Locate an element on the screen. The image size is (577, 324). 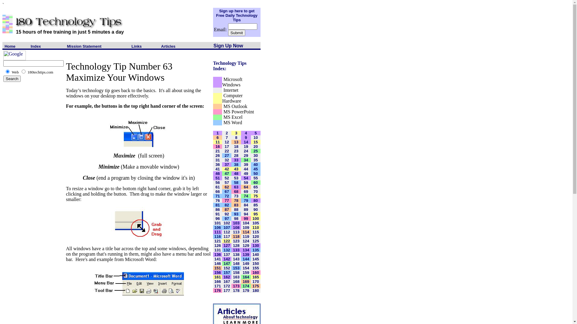
'46' is located at coordinates (217, 173).